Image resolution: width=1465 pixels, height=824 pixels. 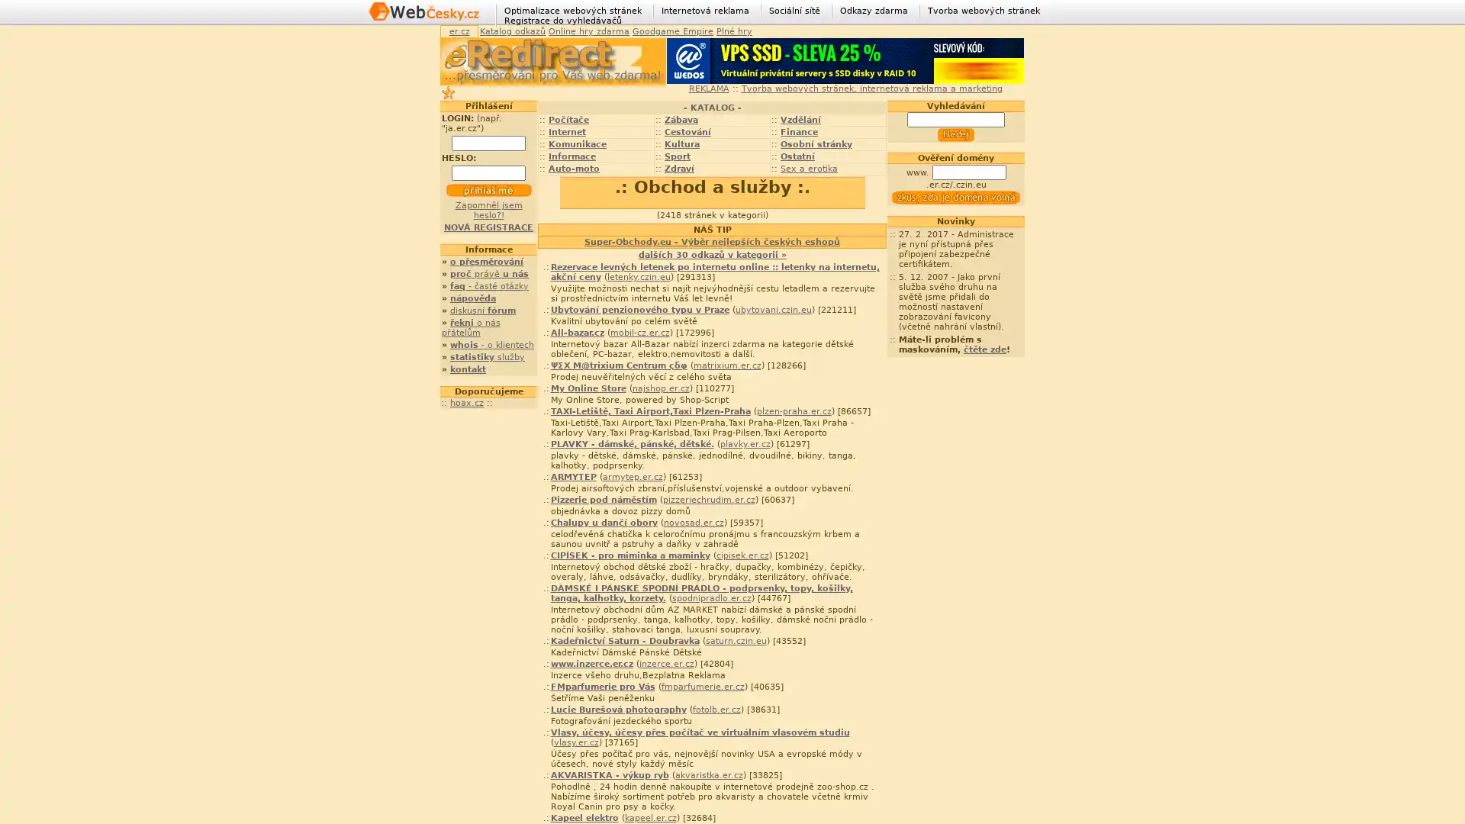 I want to click on Submit, so click(x=487, y=190).